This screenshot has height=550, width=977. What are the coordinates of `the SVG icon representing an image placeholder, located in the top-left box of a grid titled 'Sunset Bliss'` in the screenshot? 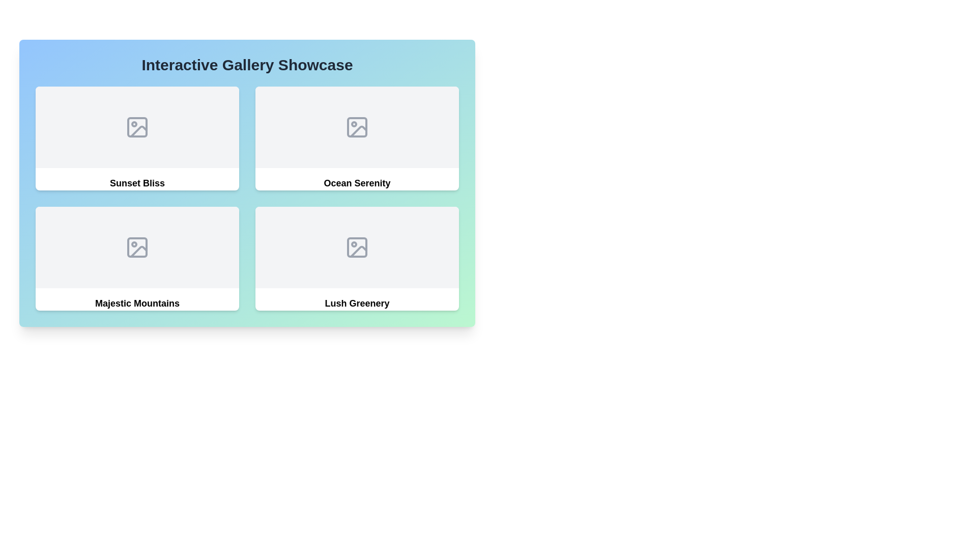 It's located at (136, 127).